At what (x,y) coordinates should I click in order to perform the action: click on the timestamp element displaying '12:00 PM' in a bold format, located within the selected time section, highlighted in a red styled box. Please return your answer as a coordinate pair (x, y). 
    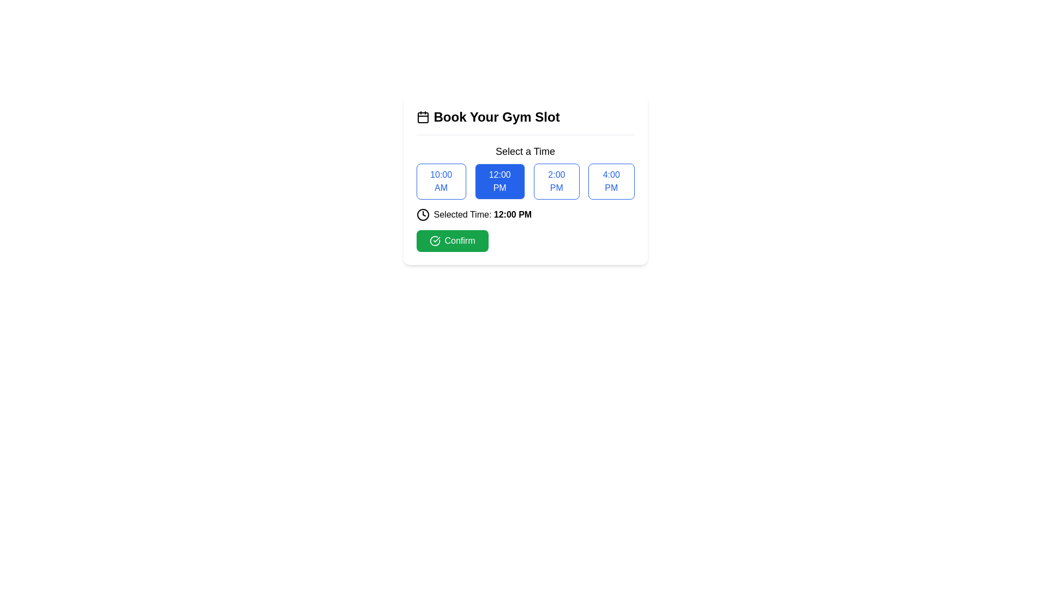
    Looking at the image, I should click on (512, 214).